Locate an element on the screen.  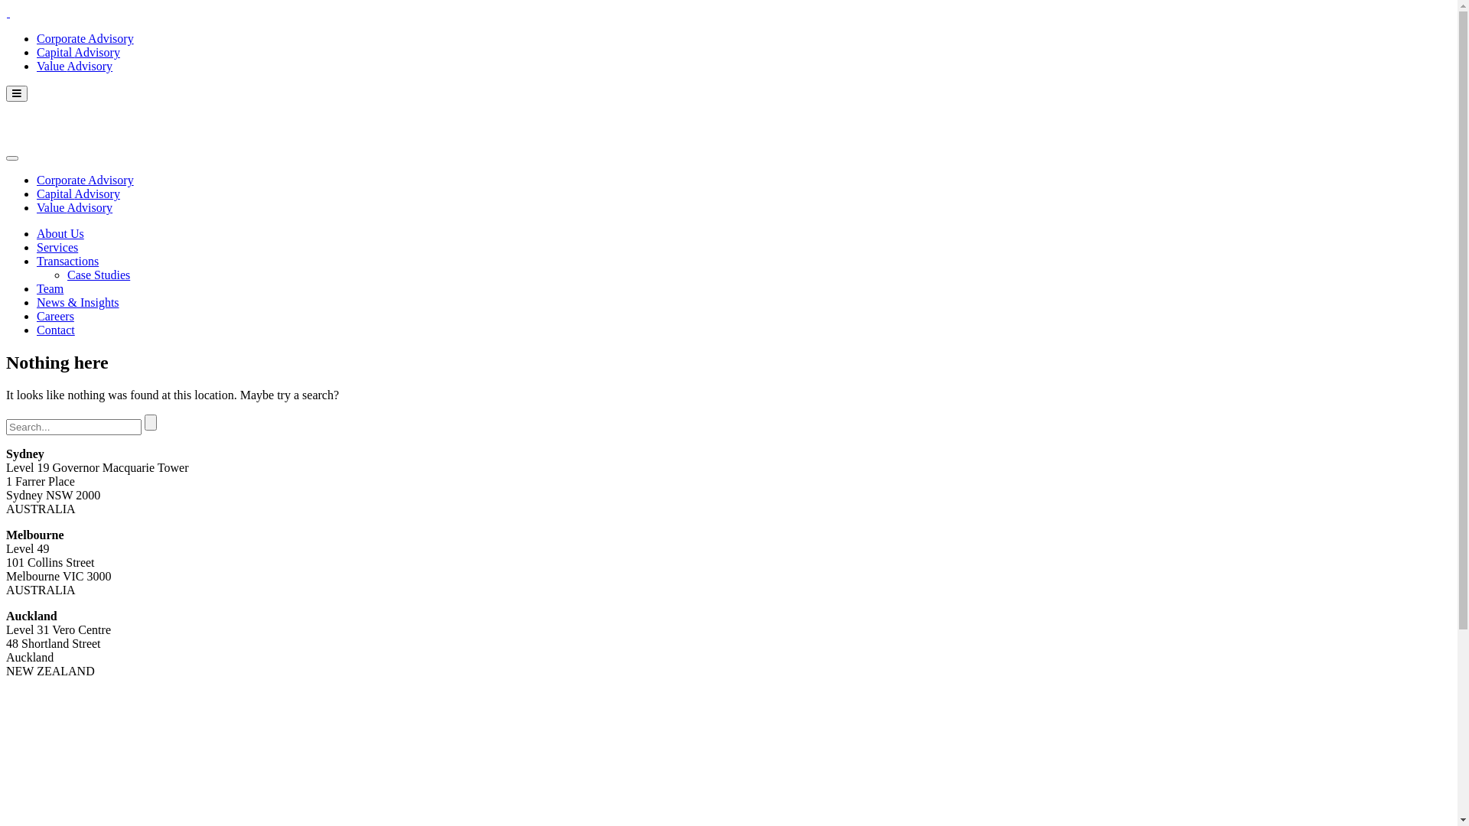
'Careers' is located at coordinates (55, 315).